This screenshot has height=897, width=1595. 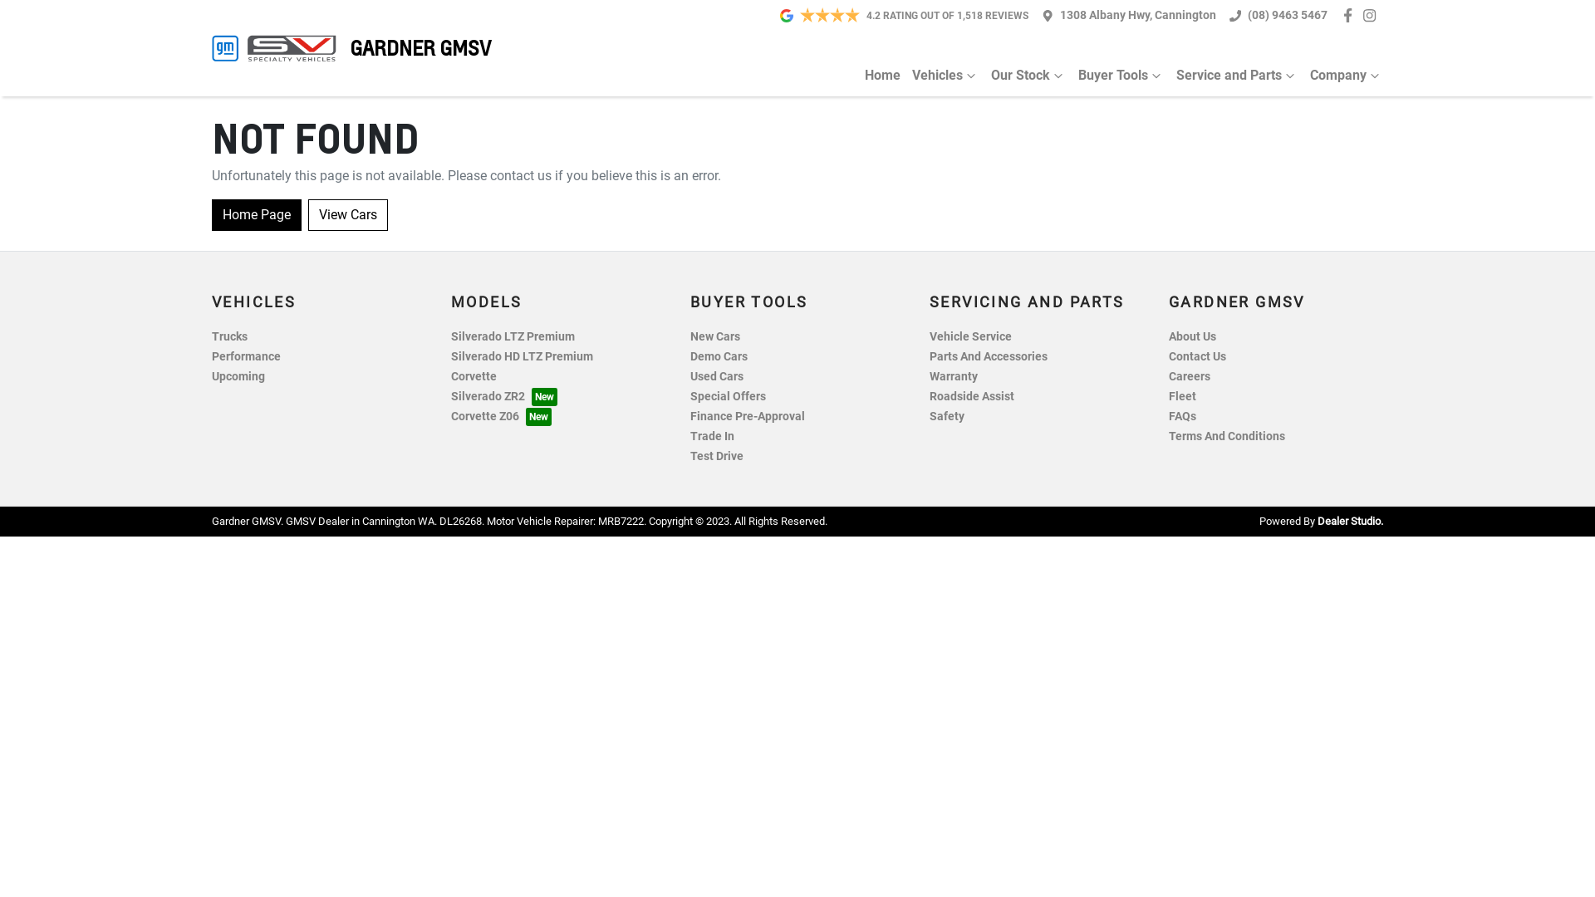 I want to click on 'Used Cars', so click(x=717, y=376).